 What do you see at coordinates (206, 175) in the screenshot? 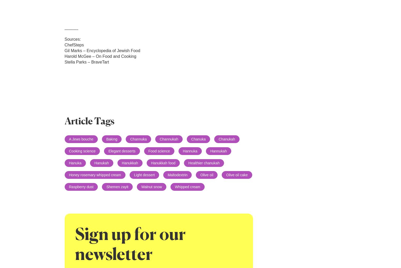
I see `'Olive oil'` at bounding box center [206, 175].